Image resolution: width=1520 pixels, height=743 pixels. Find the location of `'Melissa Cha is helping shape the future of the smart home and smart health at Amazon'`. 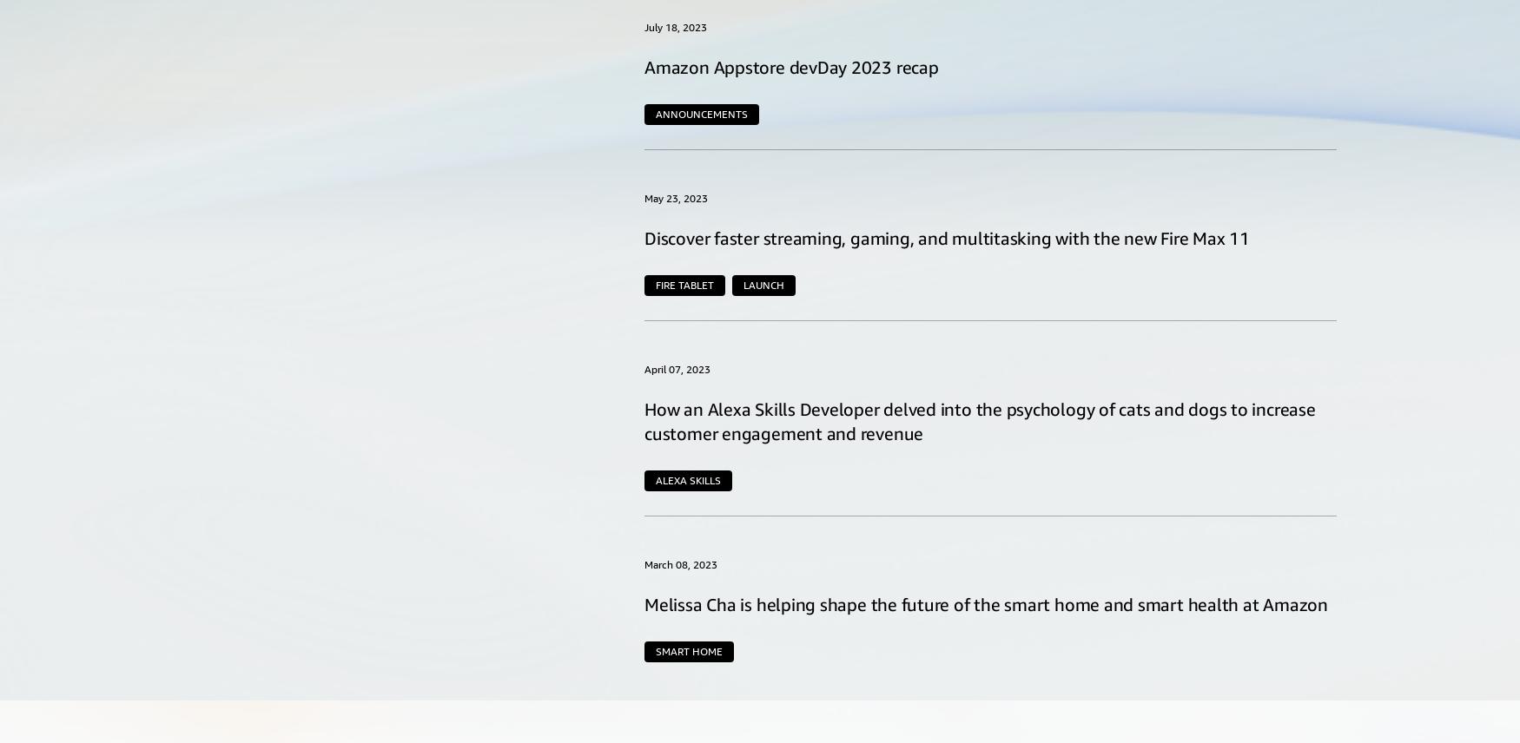

'Melissa Cha is helping shape the future of the smart home and smart health at Amazon' is located at coordinates (985, 602).